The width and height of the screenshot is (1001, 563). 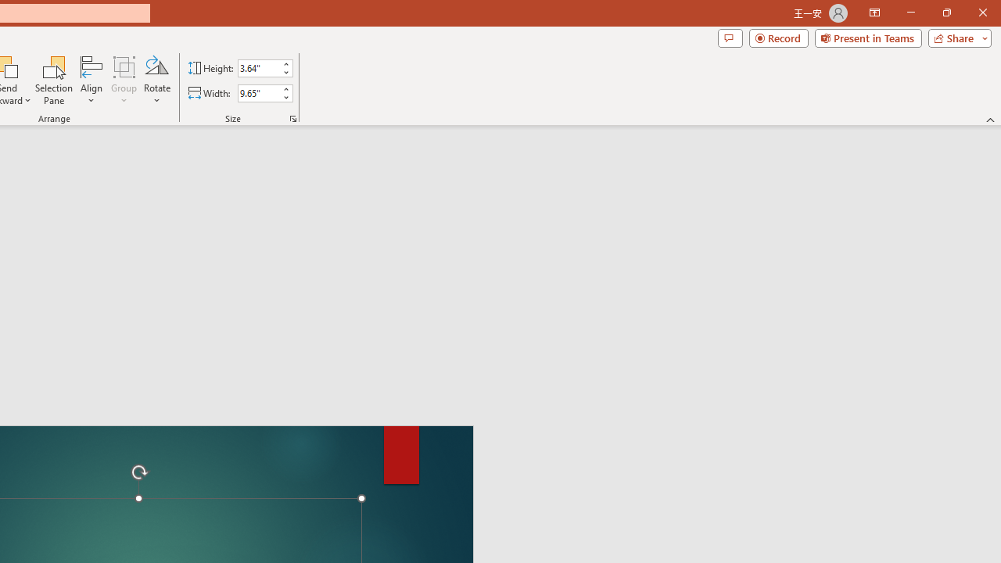 What do you see at coordinates (293, 117) in the screenshot?
I see `'Size and Position...'` at bounding box center [293, 117].